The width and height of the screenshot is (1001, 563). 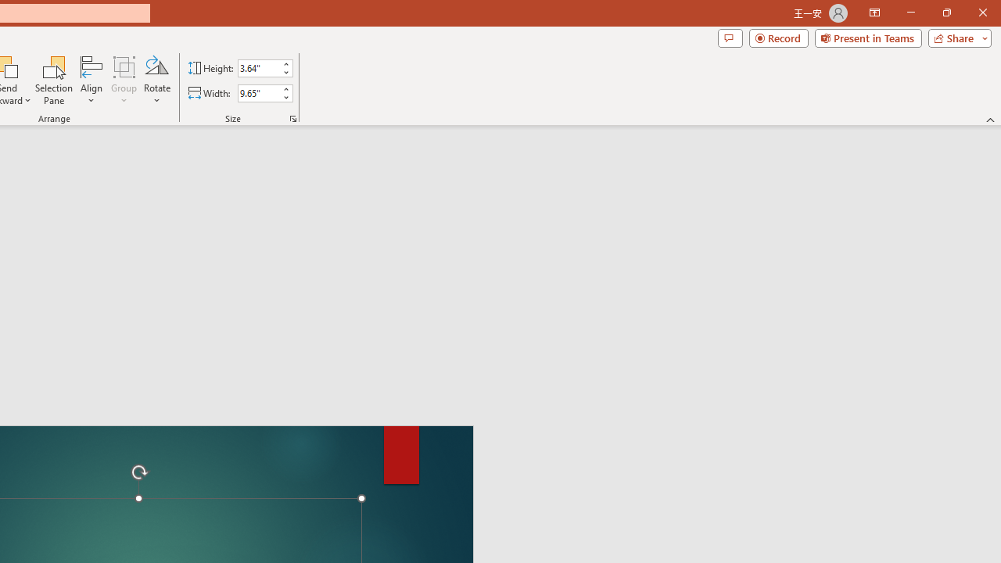 What do you see at coordinates (293, 117) in the screenshot?
I see `'Size and Position...'` at bounding box center [293, 117].